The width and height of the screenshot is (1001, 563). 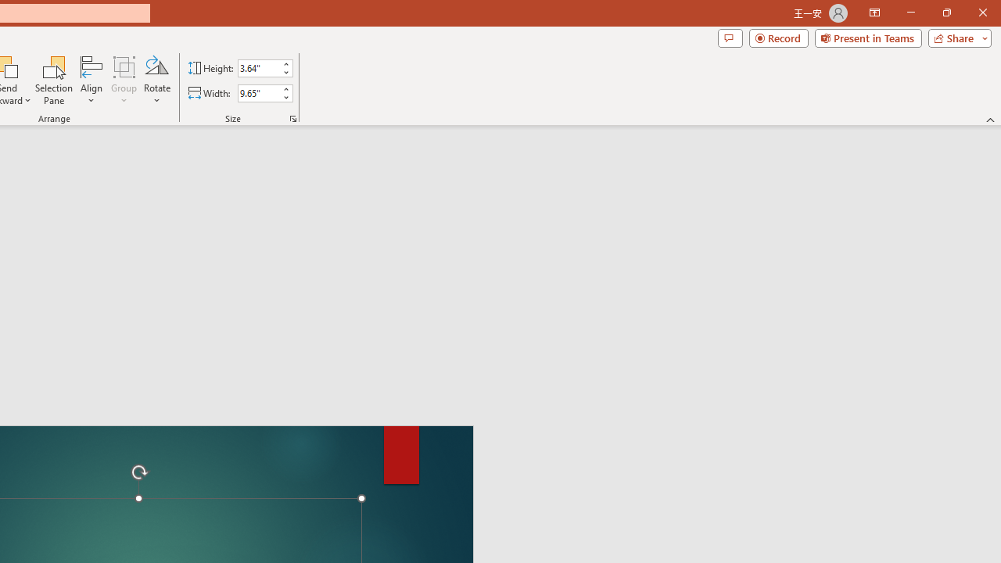 What do you see at coordinates (293, 117) in the screenshot?
I see `'Size and Position...'` at bounding box center [293, 117].